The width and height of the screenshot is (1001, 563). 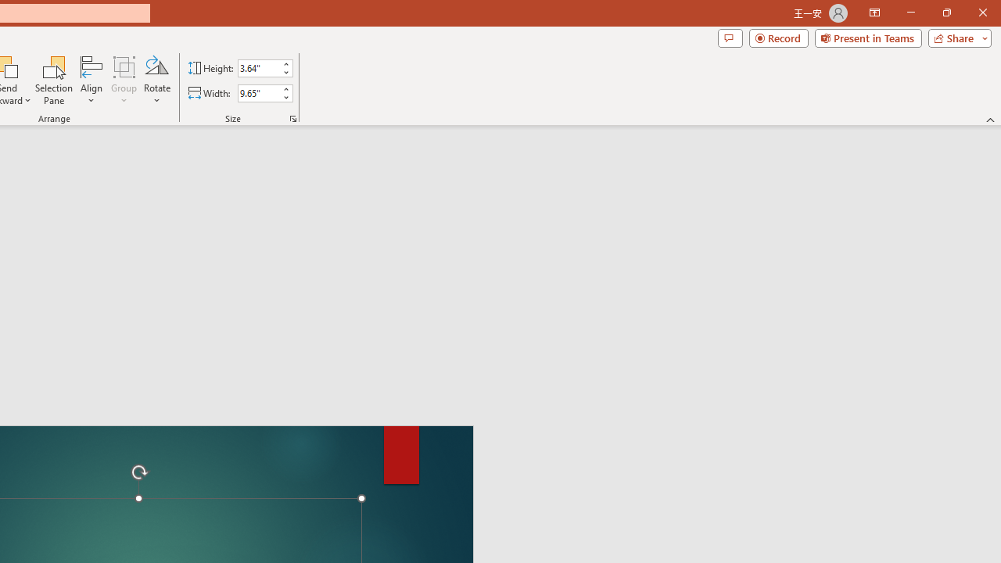 What do you see at coordinates (293, 117) in the screenshot?
I see `'Size and Position...'` at bounding box center [293, 117].